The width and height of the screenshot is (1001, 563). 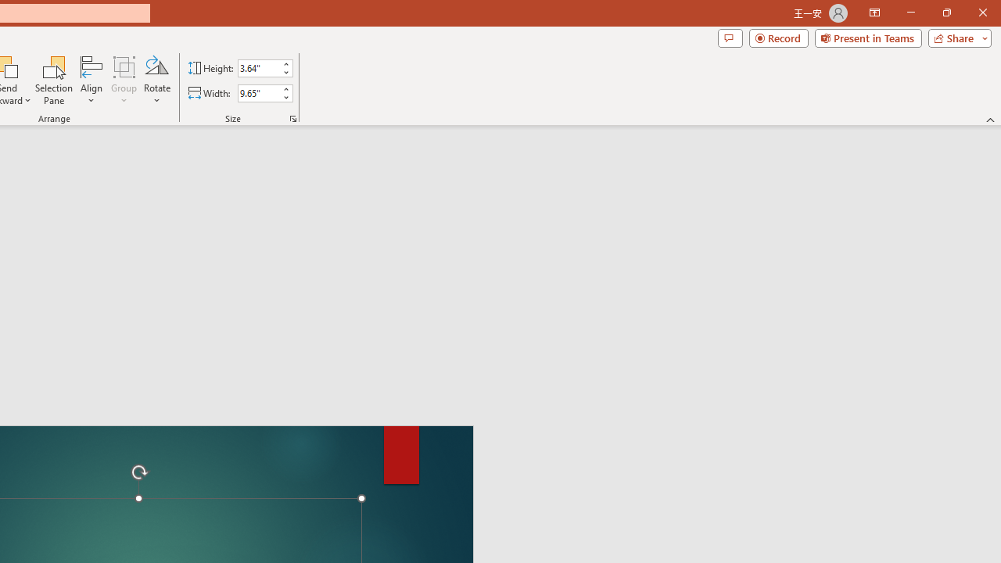 What do you see at coordinates (293, 117) in the screenshot?
I see `'Size and Position...'` at bounding box center [293, 117].